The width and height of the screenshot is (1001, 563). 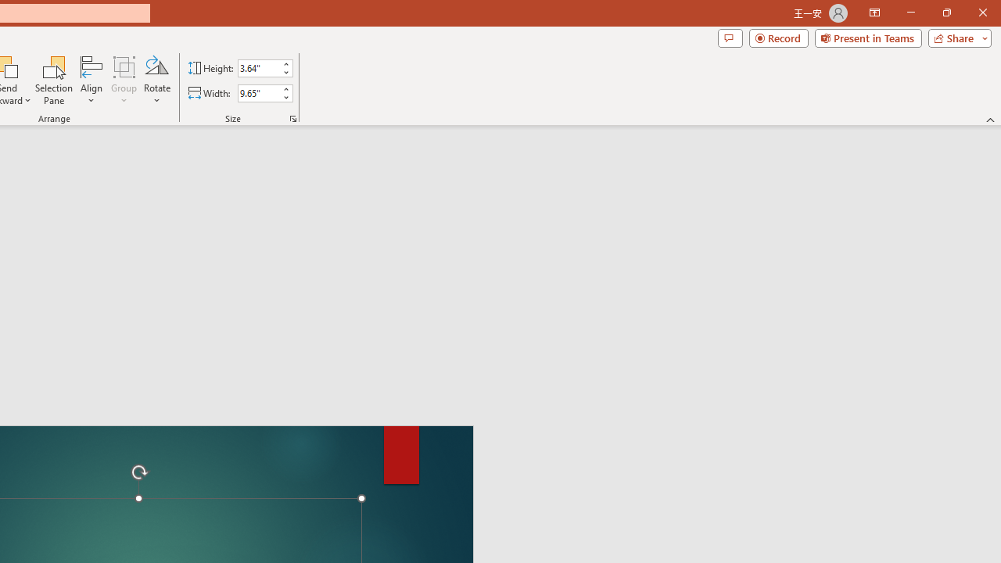 What do you see at coordinates (293, 117) in the screenshot?
I see `'Size and Position...'` at bounding box center [293, 117].